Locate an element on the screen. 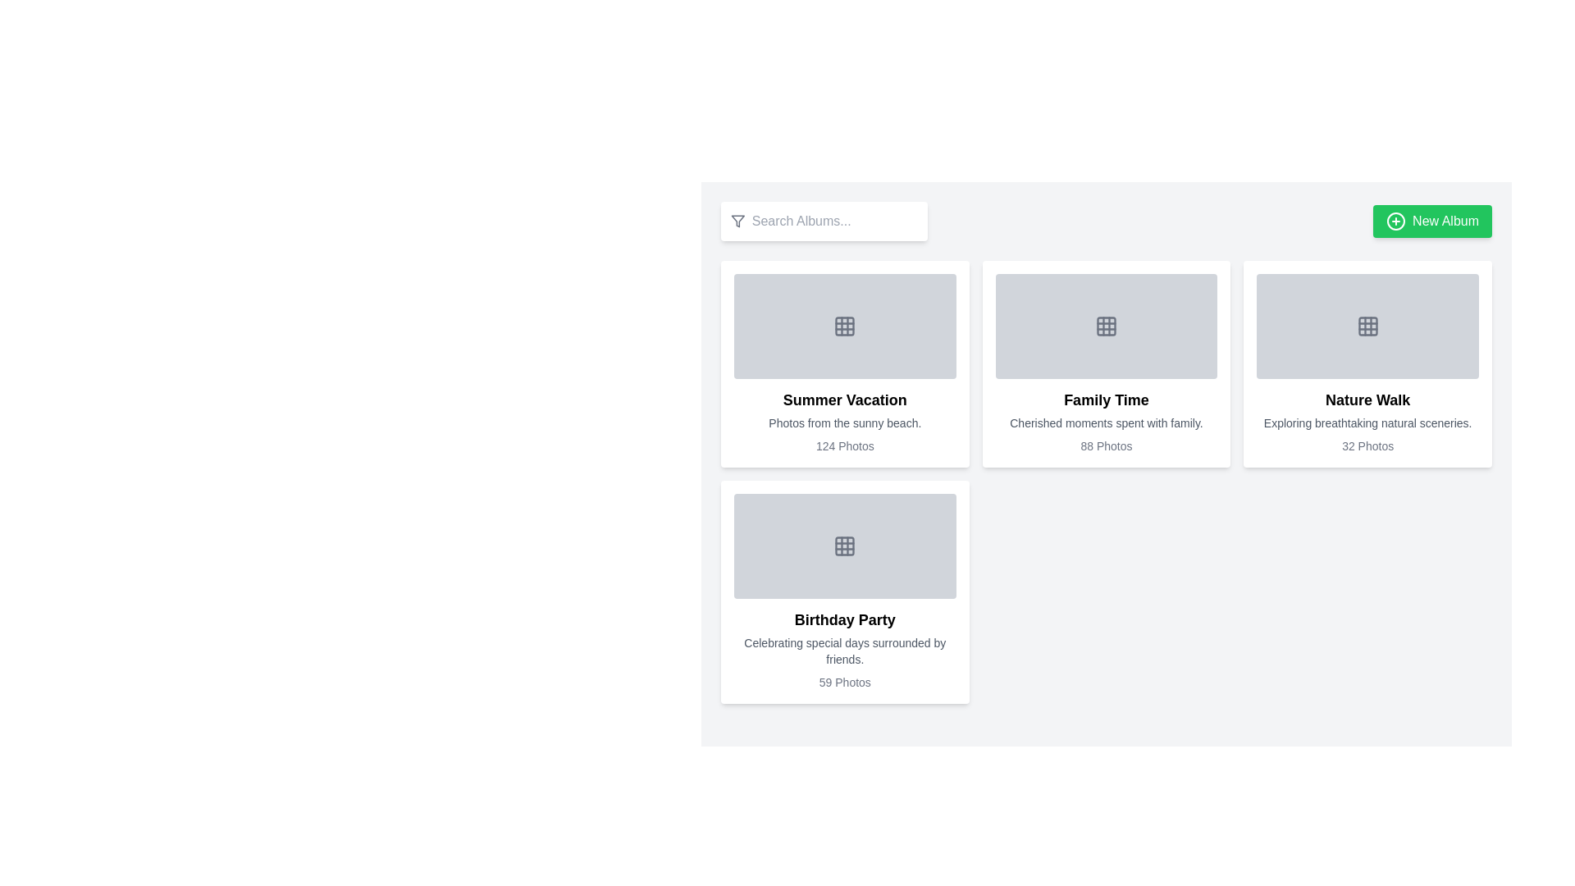 Image resolution: width=1575 pixels, height=886 pixels. the small, uniform SVG rectangle with rounded corners located in the central part of the 'grid-like' icon on the 'Summer Vacation' album thumbnail is located at coordinates (845, 326).